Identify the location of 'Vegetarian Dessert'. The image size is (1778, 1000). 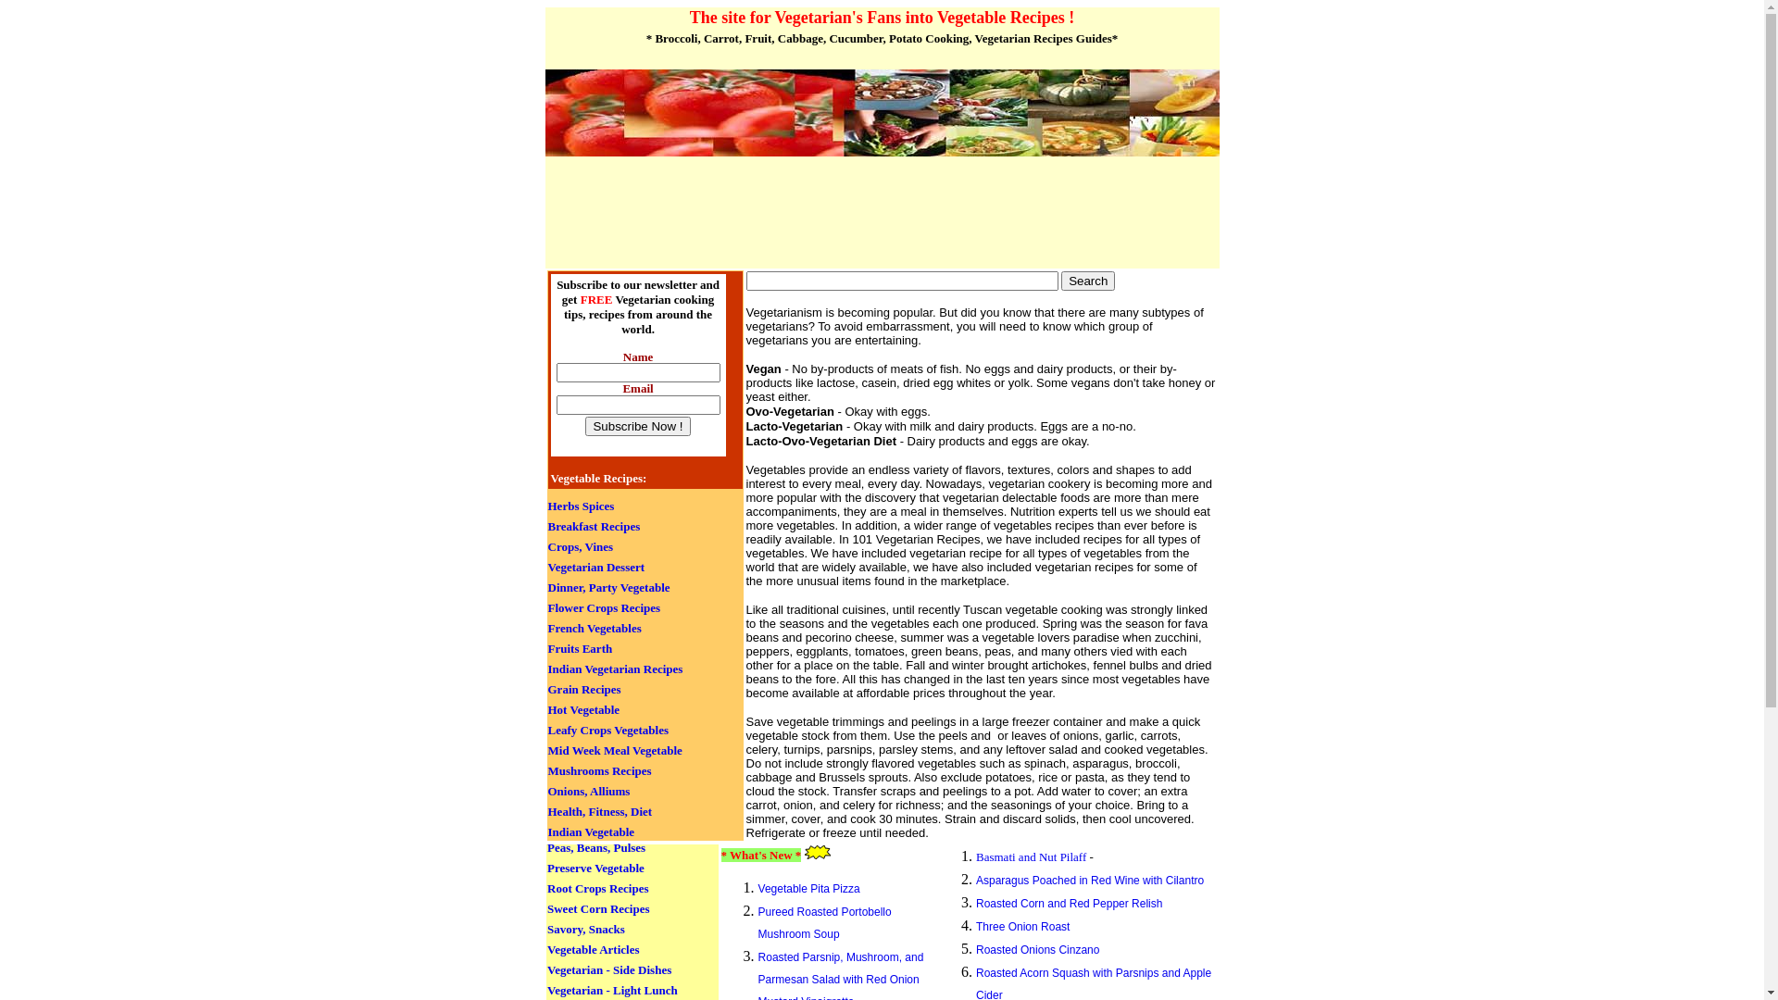
(596, 566).